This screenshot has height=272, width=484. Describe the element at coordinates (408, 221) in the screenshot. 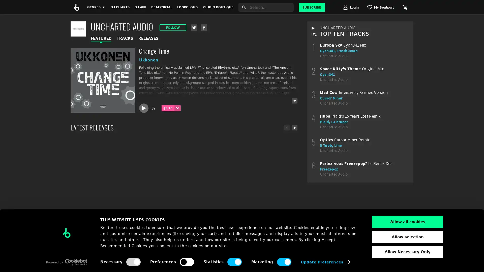

I see `Allow all cookies` at that location.